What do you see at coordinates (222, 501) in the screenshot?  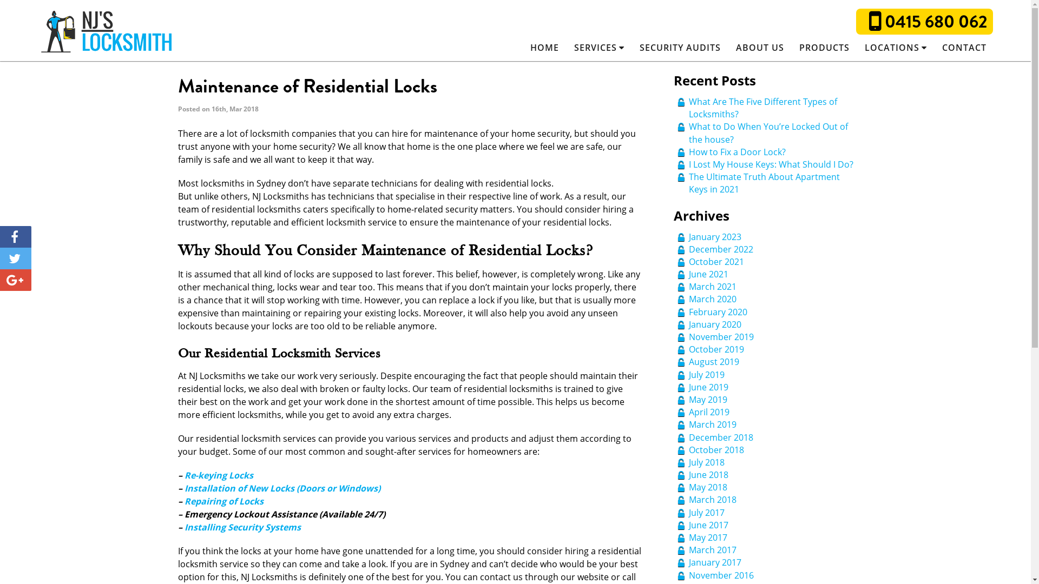 I see `'Repairing of Locks'` at bounding box center [222, 501].